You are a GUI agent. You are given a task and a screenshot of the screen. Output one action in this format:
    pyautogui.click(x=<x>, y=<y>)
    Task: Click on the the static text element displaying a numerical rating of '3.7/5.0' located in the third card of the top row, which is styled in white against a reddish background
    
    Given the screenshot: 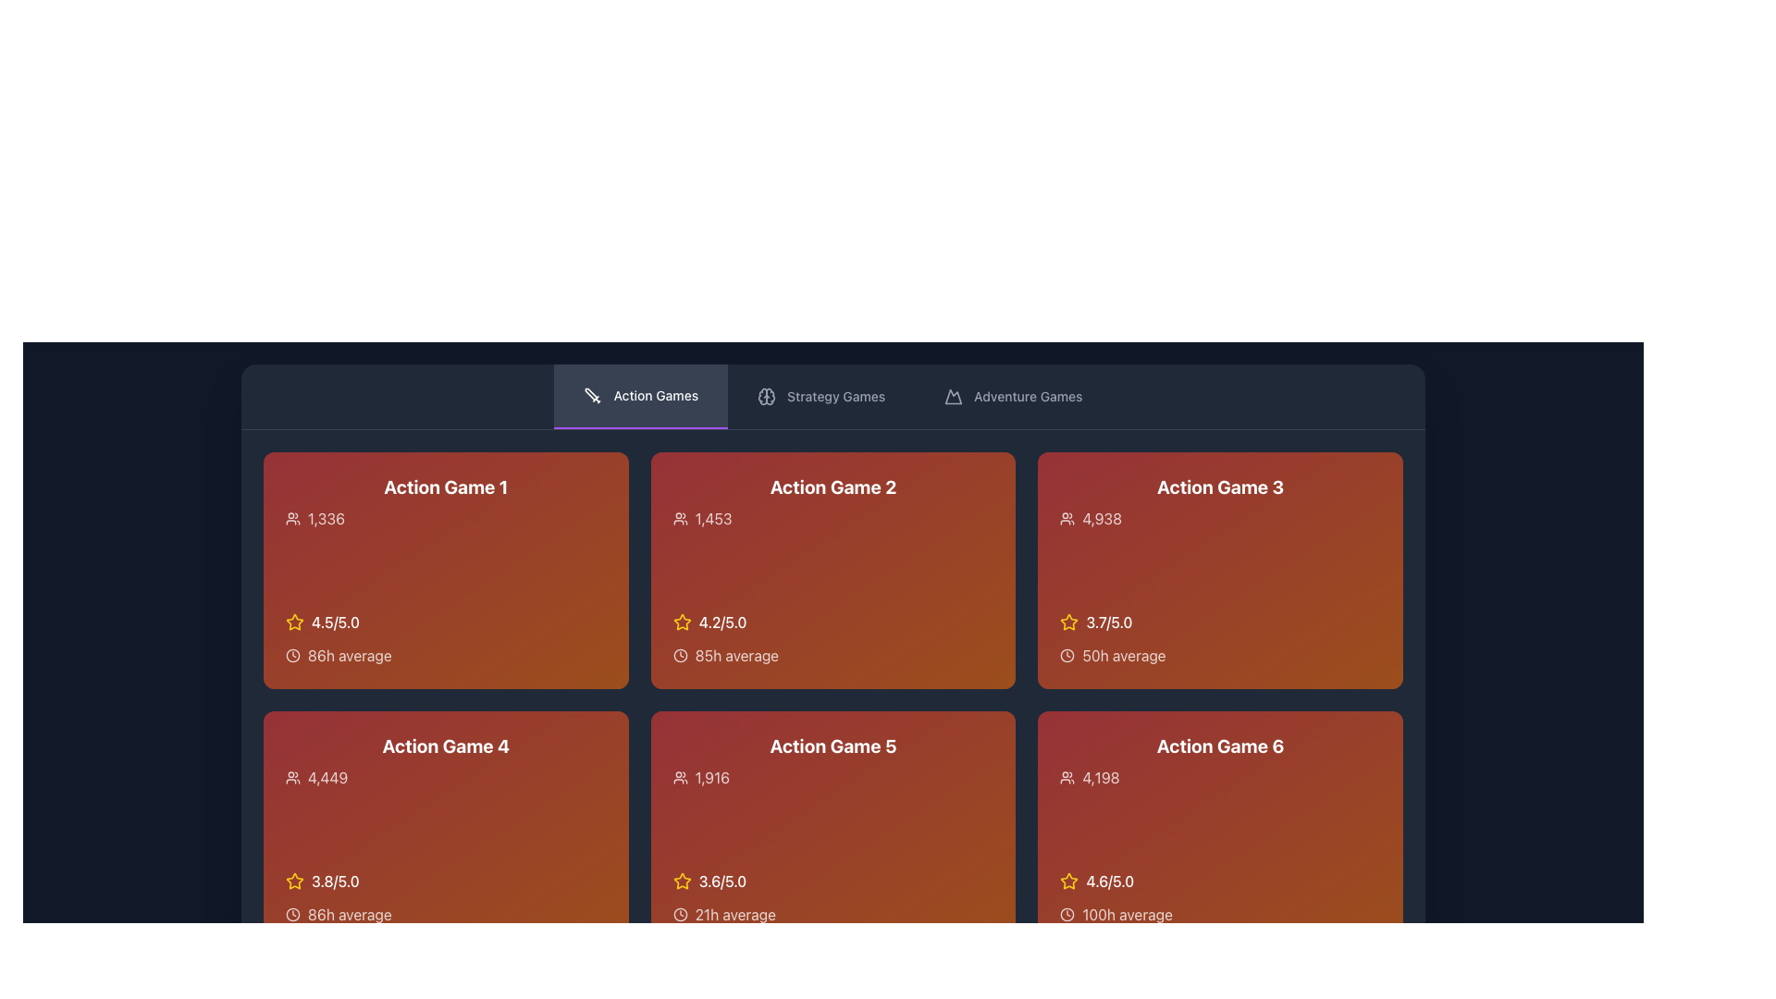 What is the action you would take?
    pyautogui.click(x=1109, y=622)
    